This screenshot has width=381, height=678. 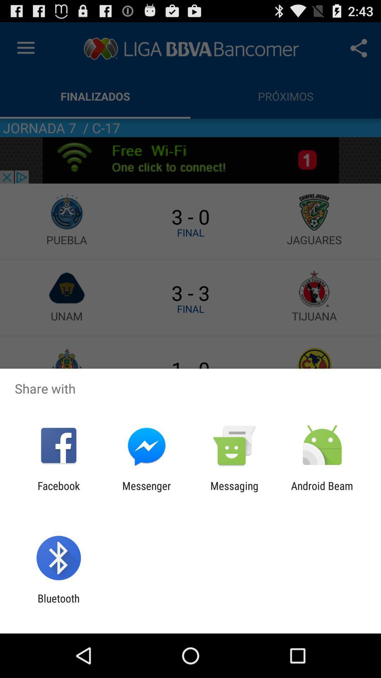 I want to click on item next to messenger item, so click(x=58, y=492).